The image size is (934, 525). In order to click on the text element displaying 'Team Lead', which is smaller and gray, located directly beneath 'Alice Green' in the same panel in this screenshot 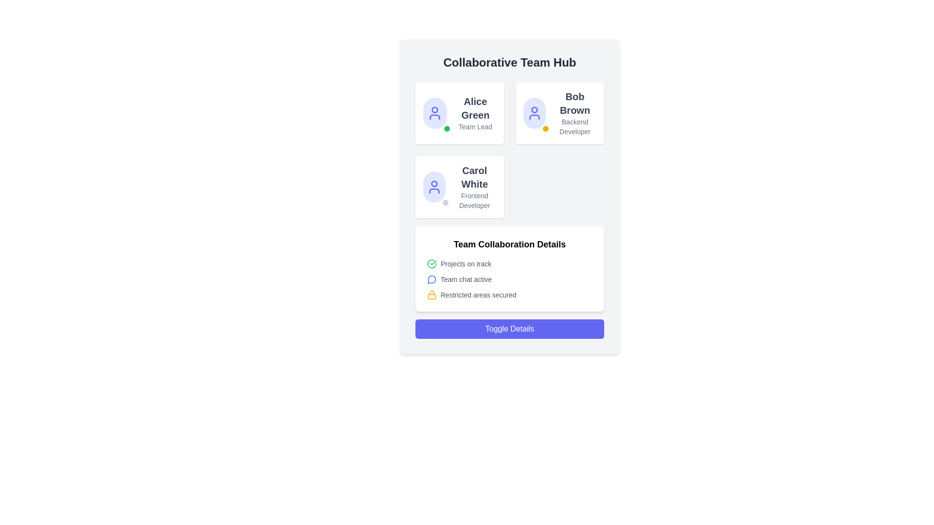, I will do `click(475, 126)`.